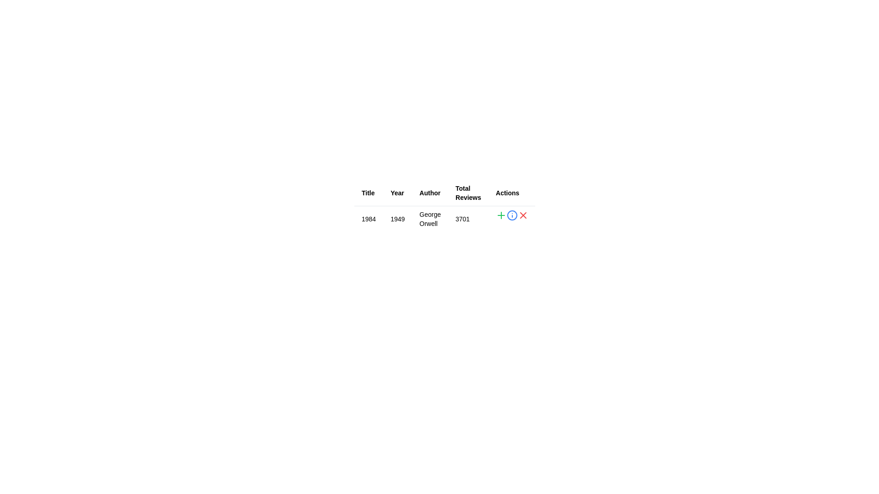 The width and height of the screenshot is (879, 494). Describe the element at coordinates (468, 193) in the screenshot. I see `label indicating the total number of reviews in the fourth column of the table` at that location.